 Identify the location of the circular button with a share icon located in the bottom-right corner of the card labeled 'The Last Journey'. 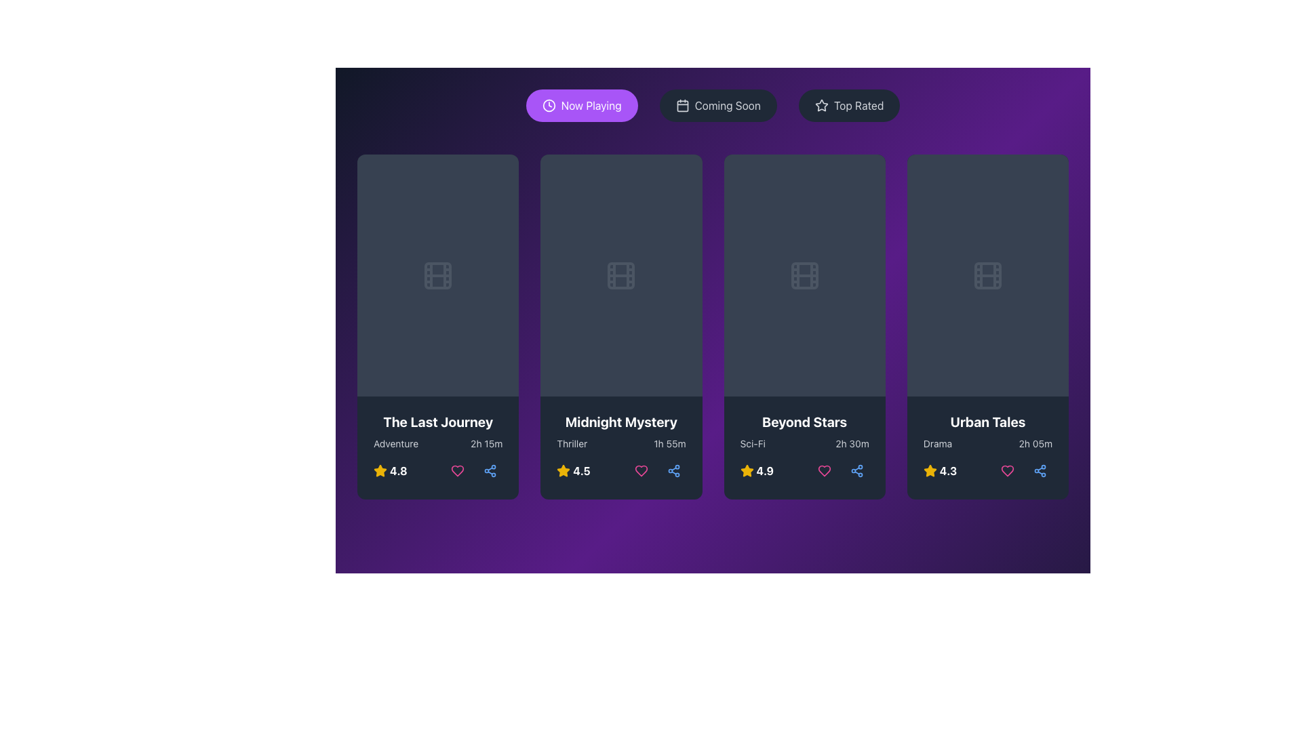
(490, 470).